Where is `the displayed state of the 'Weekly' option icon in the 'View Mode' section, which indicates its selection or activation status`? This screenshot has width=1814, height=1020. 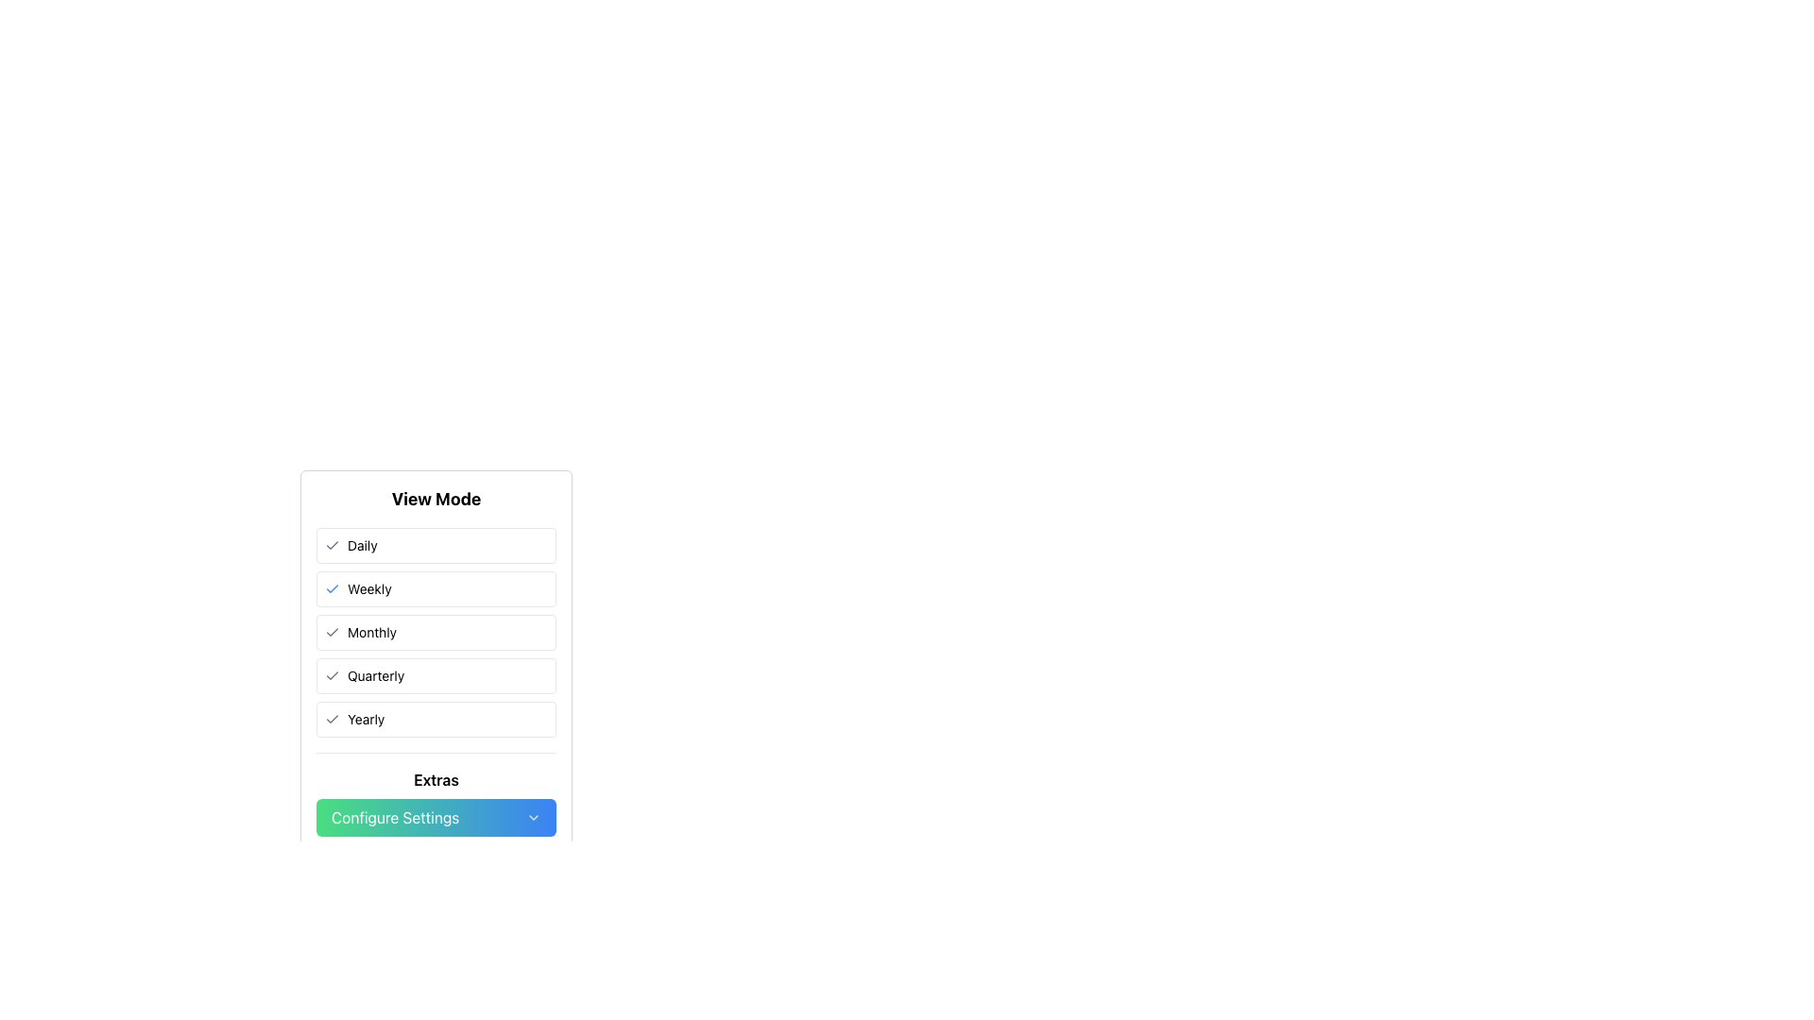 the displayed state of the 'Weekly' option icon in the 'View Mode' section, which indicates its selection or activation status is located at coordinates (332, 588).